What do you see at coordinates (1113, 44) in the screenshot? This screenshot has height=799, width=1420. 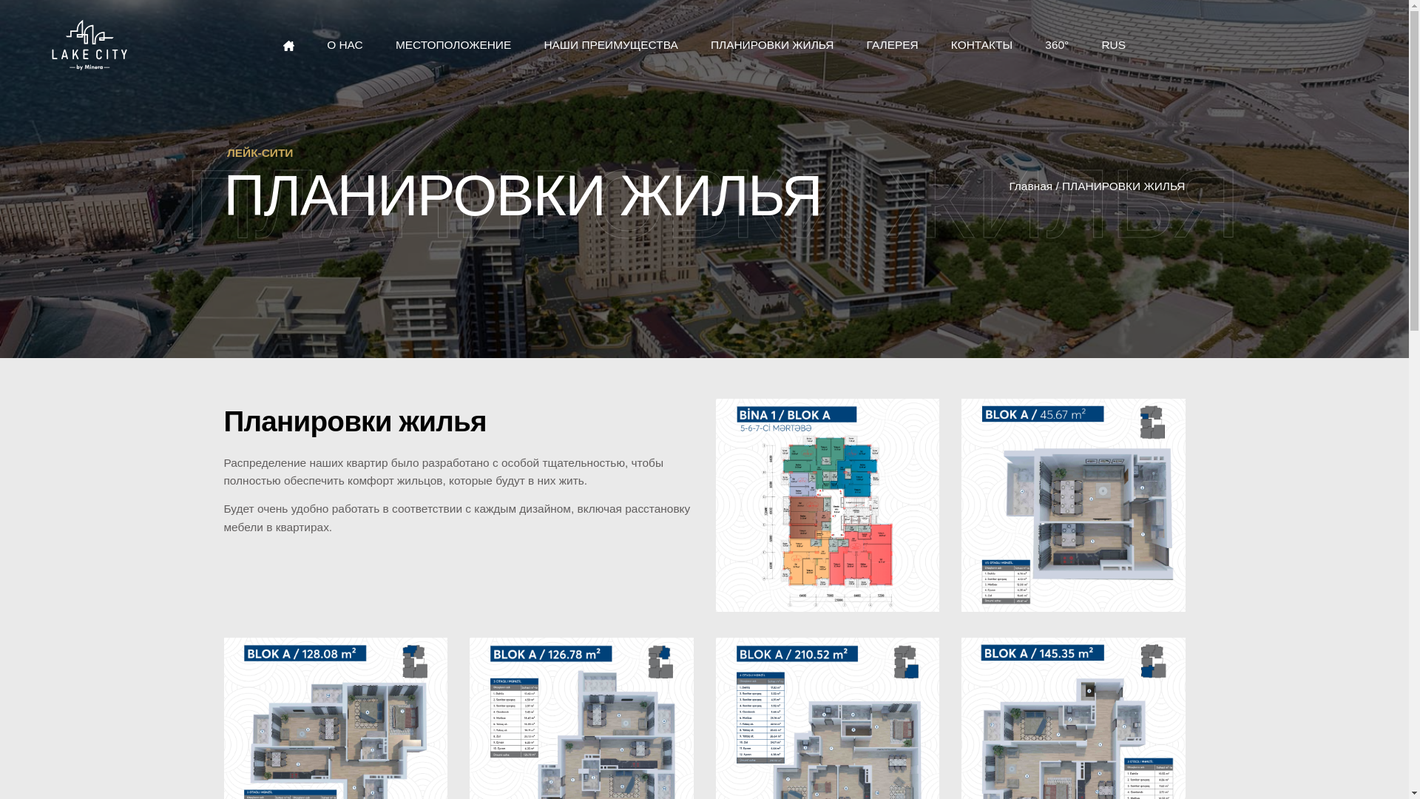 I see `'RUS'` at bounding box center [1113, 44].